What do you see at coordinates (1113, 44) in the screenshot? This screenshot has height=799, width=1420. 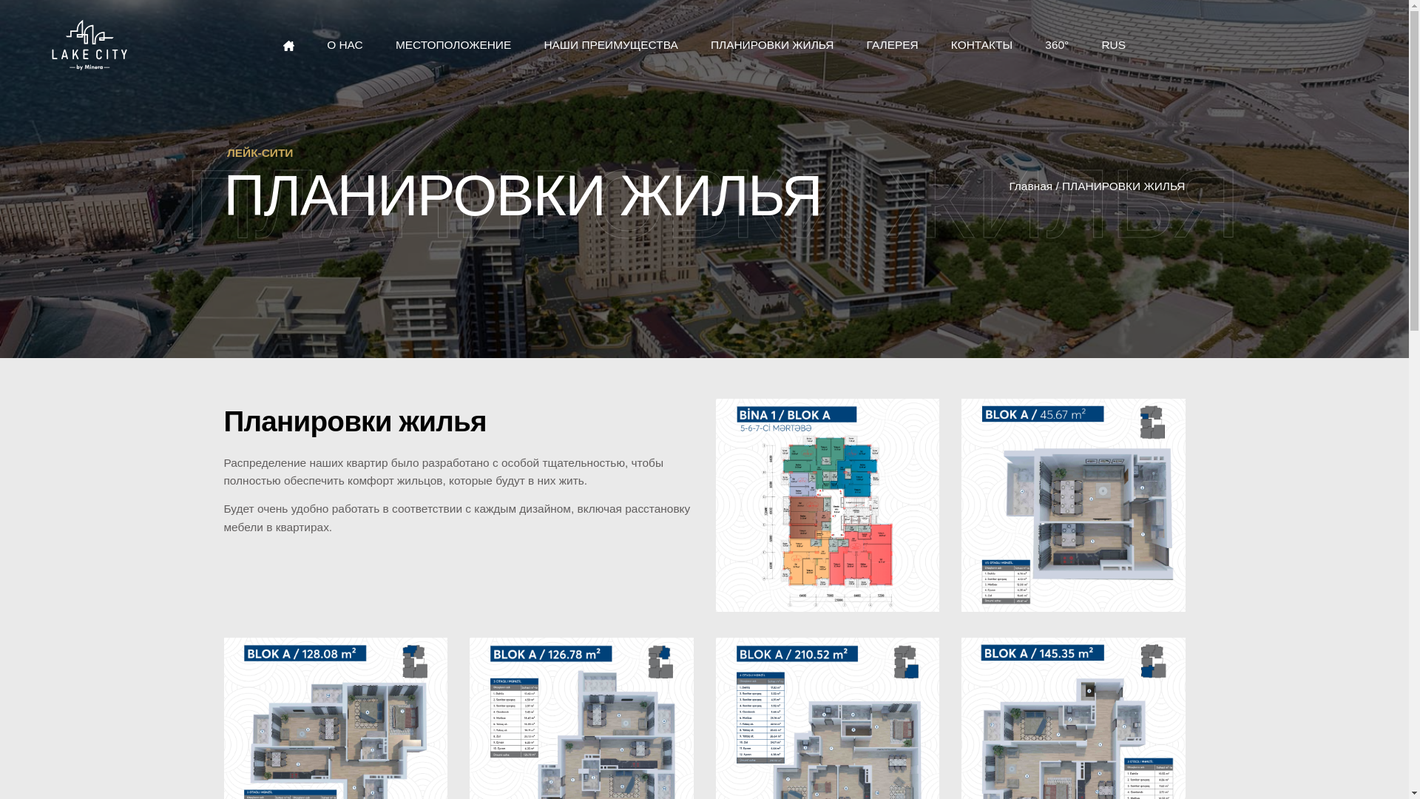 I see `'RUS'` at bounding box center [1113, 44].